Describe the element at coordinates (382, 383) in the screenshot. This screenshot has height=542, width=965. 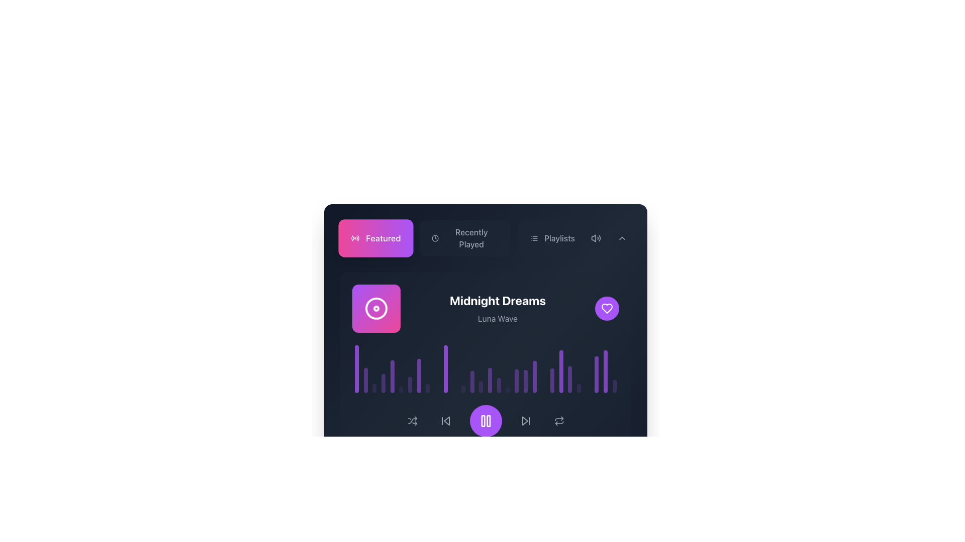
I see `the fourth vertical bar in the equalizer, which is a semi-transparent purple bar with rounded ends, located near the bottom of the interface` at that location.